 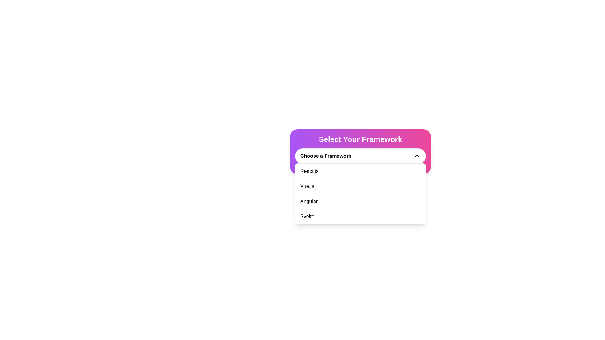 I want to click on the 'Vue.js' dropdown list item, which is the second option in the dropdown menu under 'Select Your Framework', so click(x=360, y=186).